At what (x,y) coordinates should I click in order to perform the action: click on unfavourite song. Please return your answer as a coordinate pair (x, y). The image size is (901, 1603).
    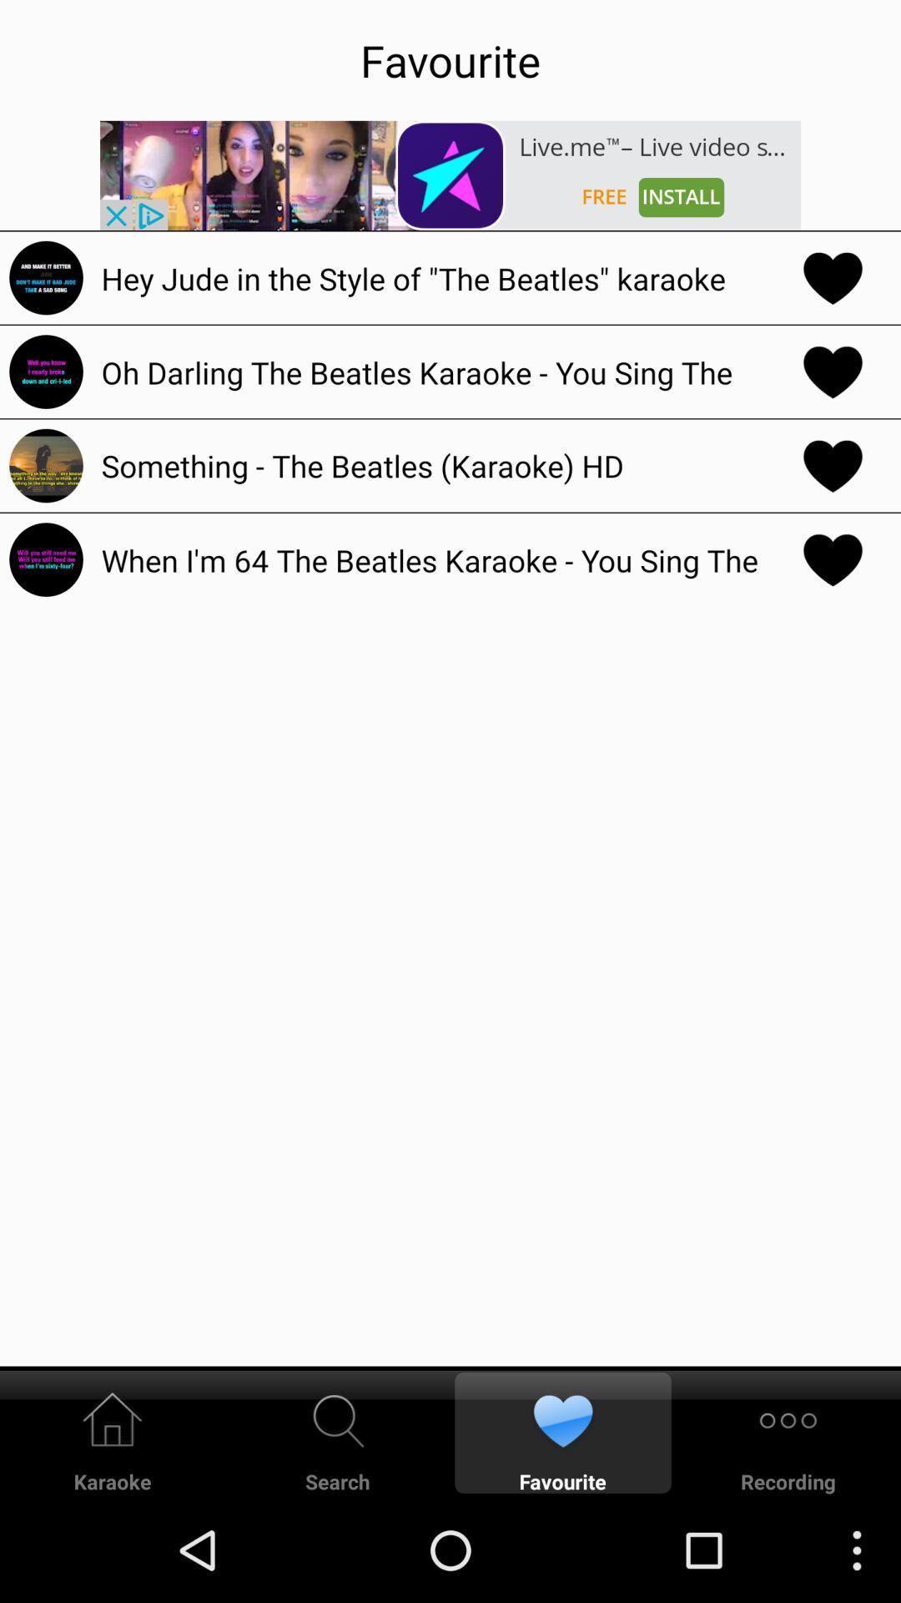
    Looking at the image, I should click on (833, 559).